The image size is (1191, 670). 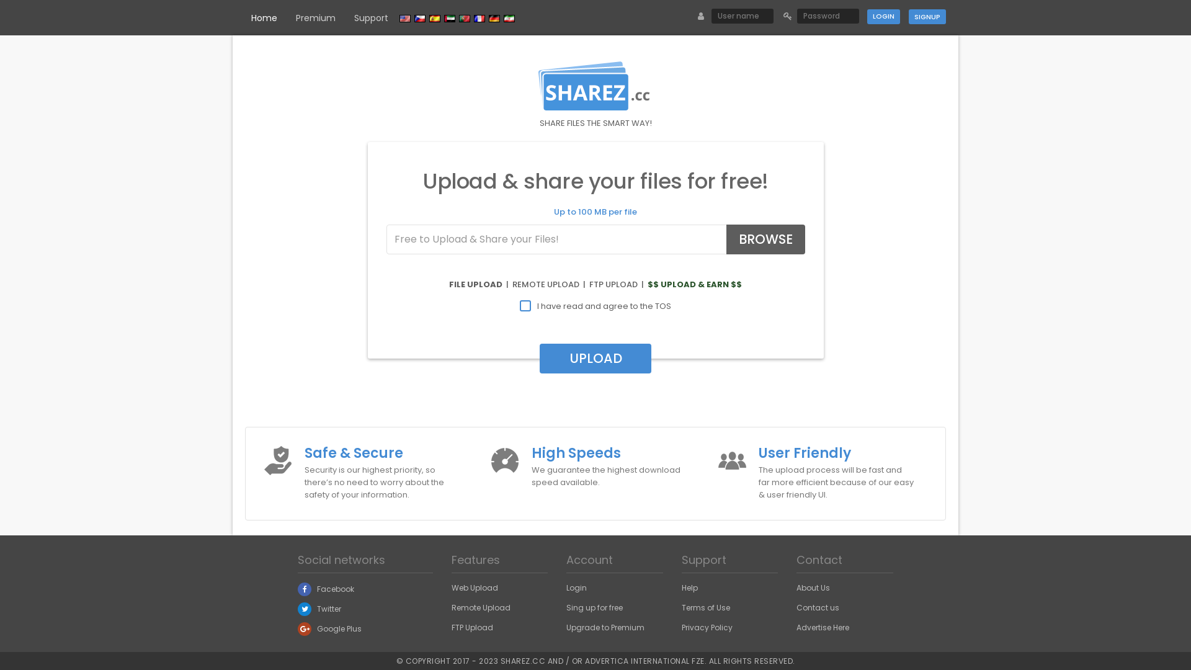 I want to click on 'About Us', so click(x=813, y=587).